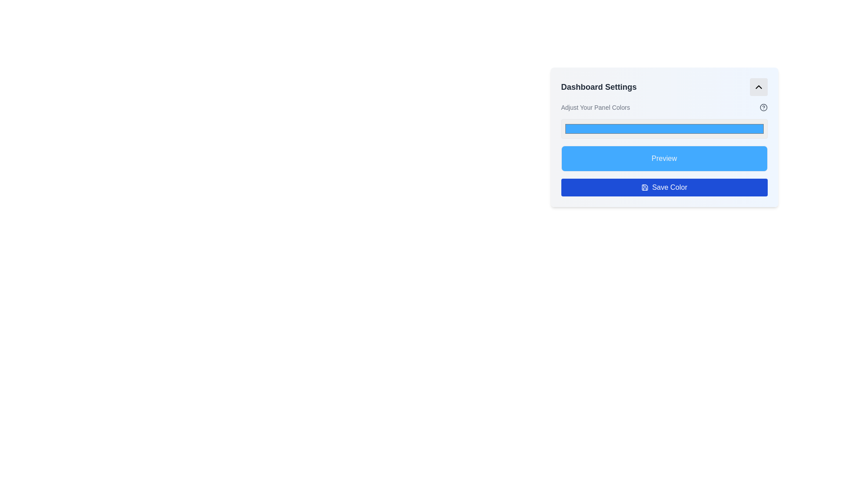  I want to click on the static text element displaying 'Adjust Your Panel Colors.' which is located directly under the 'Dashboard Settings' title, so click(596, 107).